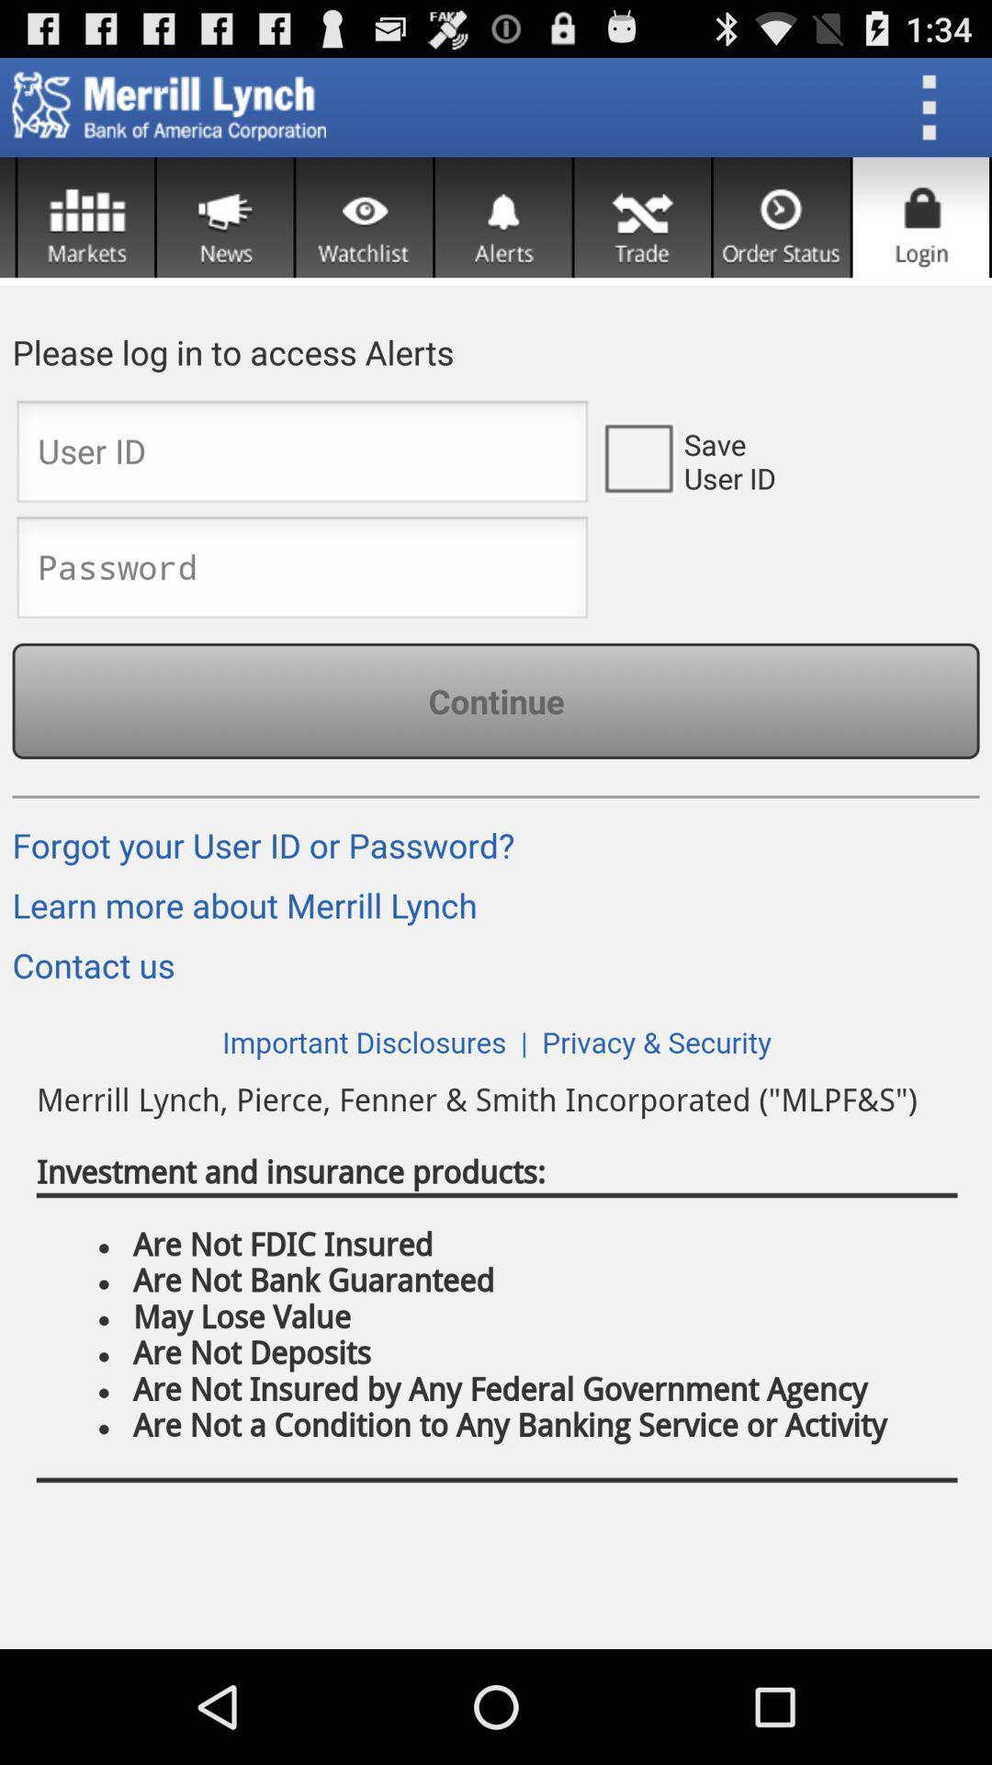 The height and width of the screenshot is (1765, 992). What do you see at coordinates (637, 457) in the screenshot?
I see `the box is beside to saver user id` at bounding box center [637, 457].